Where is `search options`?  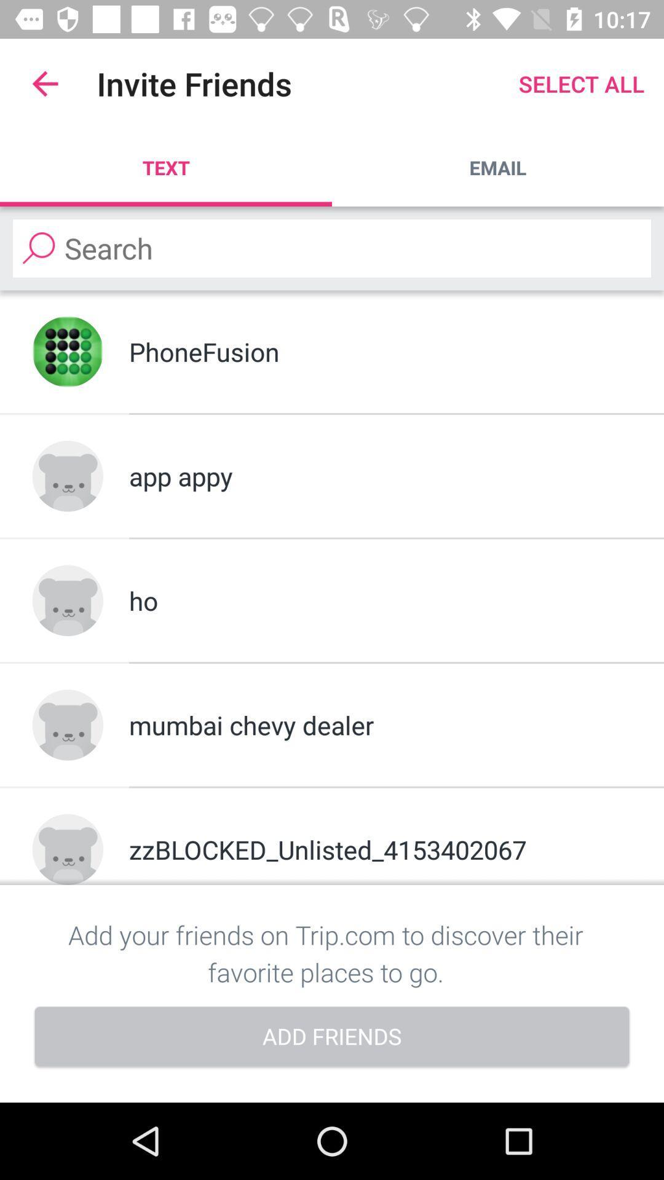
search options is located at coordinates (332, 248).